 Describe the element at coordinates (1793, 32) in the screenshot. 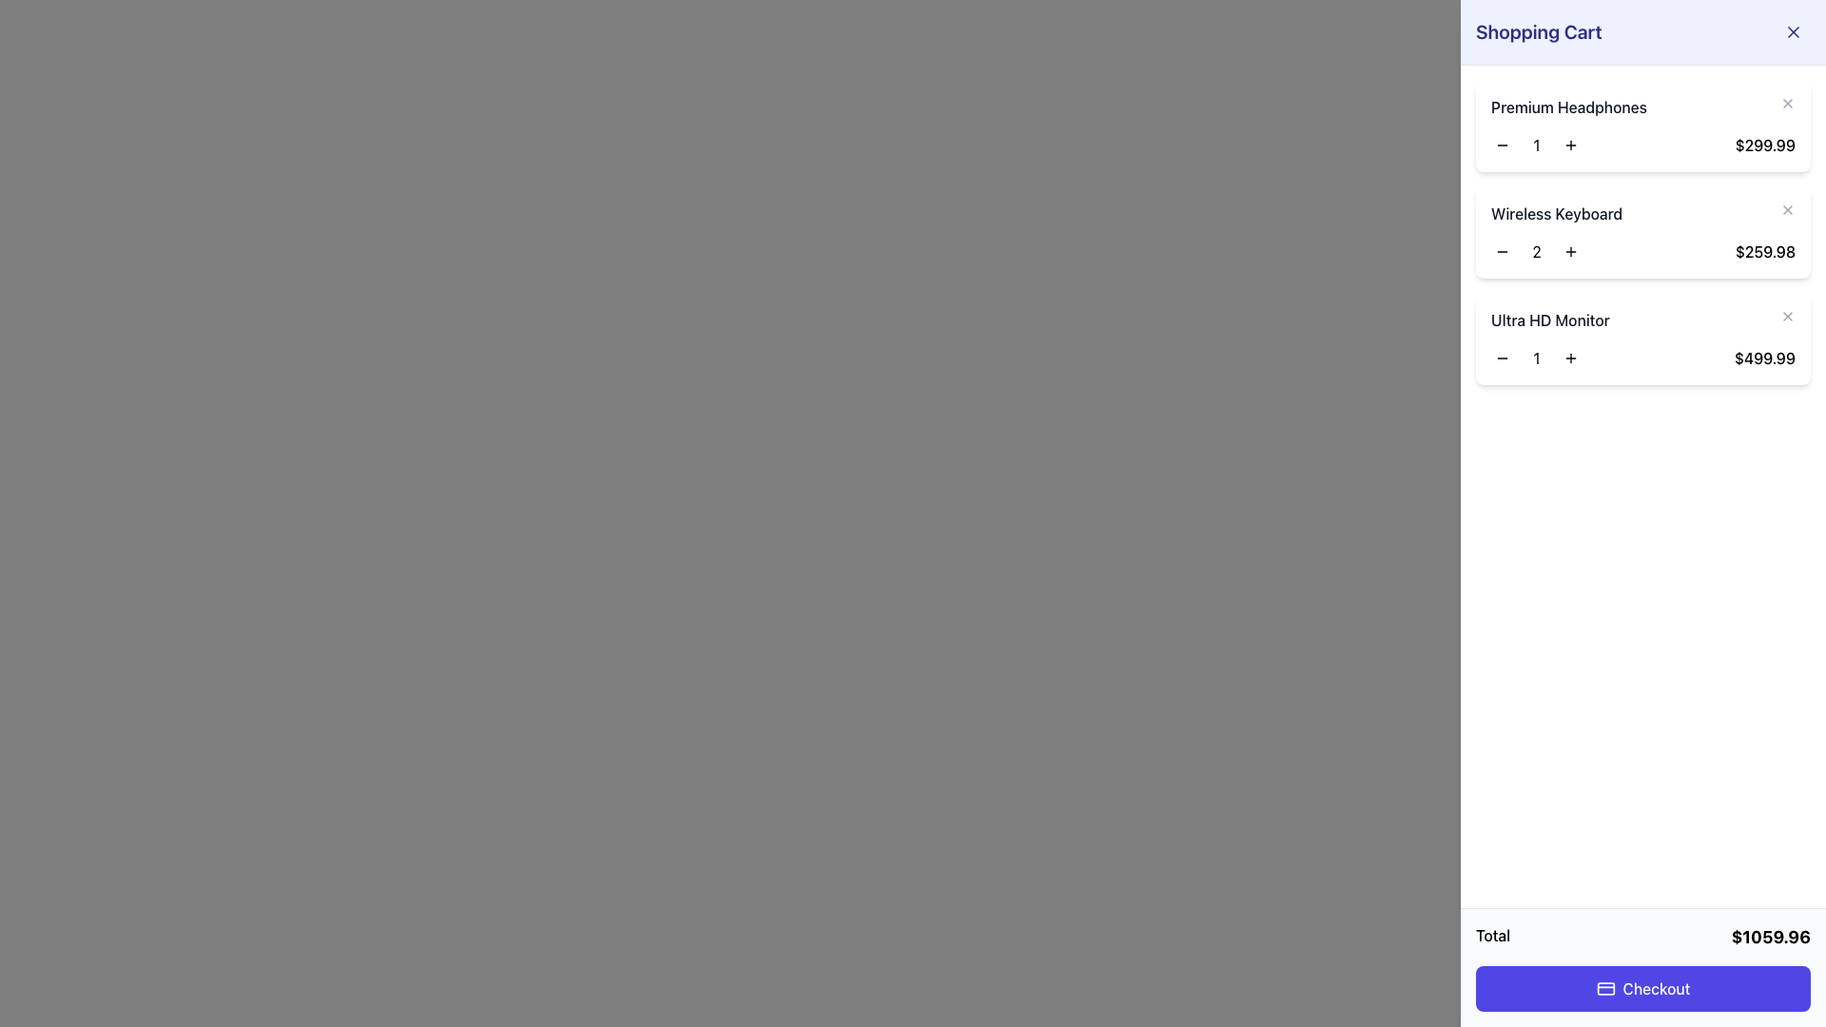

I see `the small 'X' close button located at the top-right corner of the shopping cart section header` at that location.